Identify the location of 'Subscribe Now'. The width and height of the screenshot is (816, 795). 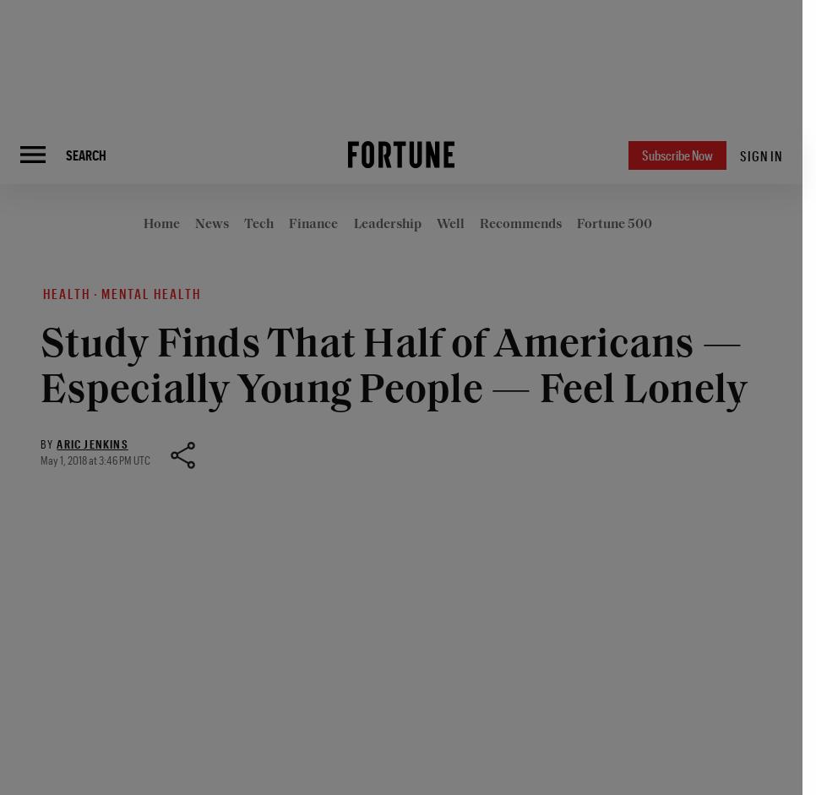
(677, 155).